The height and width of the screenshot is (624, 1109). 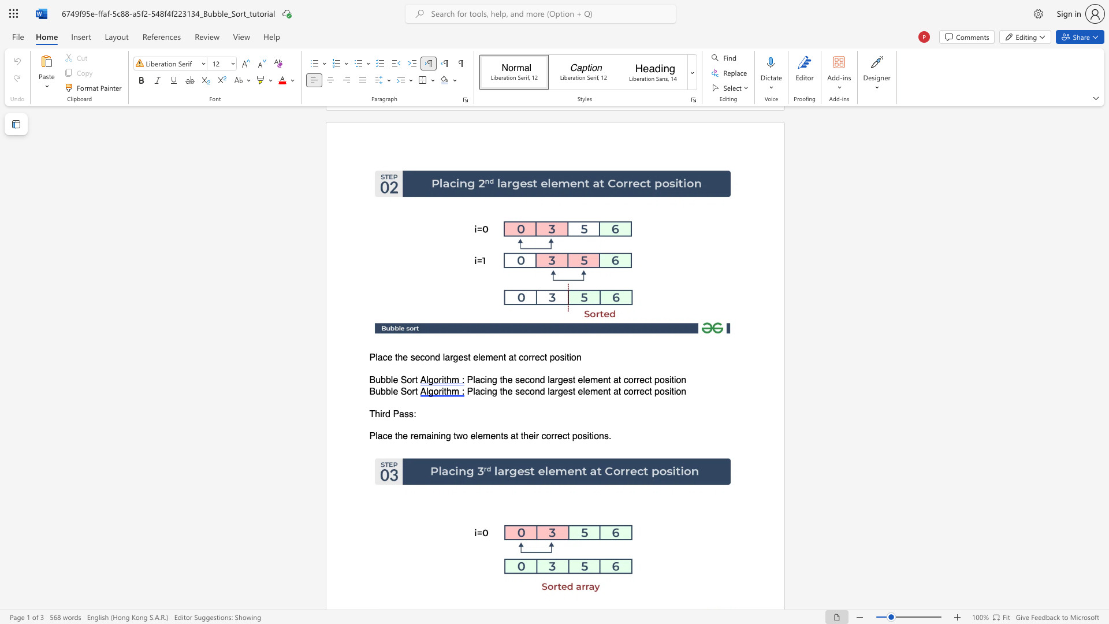 I want to click on the 3th character "i" in the text, so click(x=534, y=436).